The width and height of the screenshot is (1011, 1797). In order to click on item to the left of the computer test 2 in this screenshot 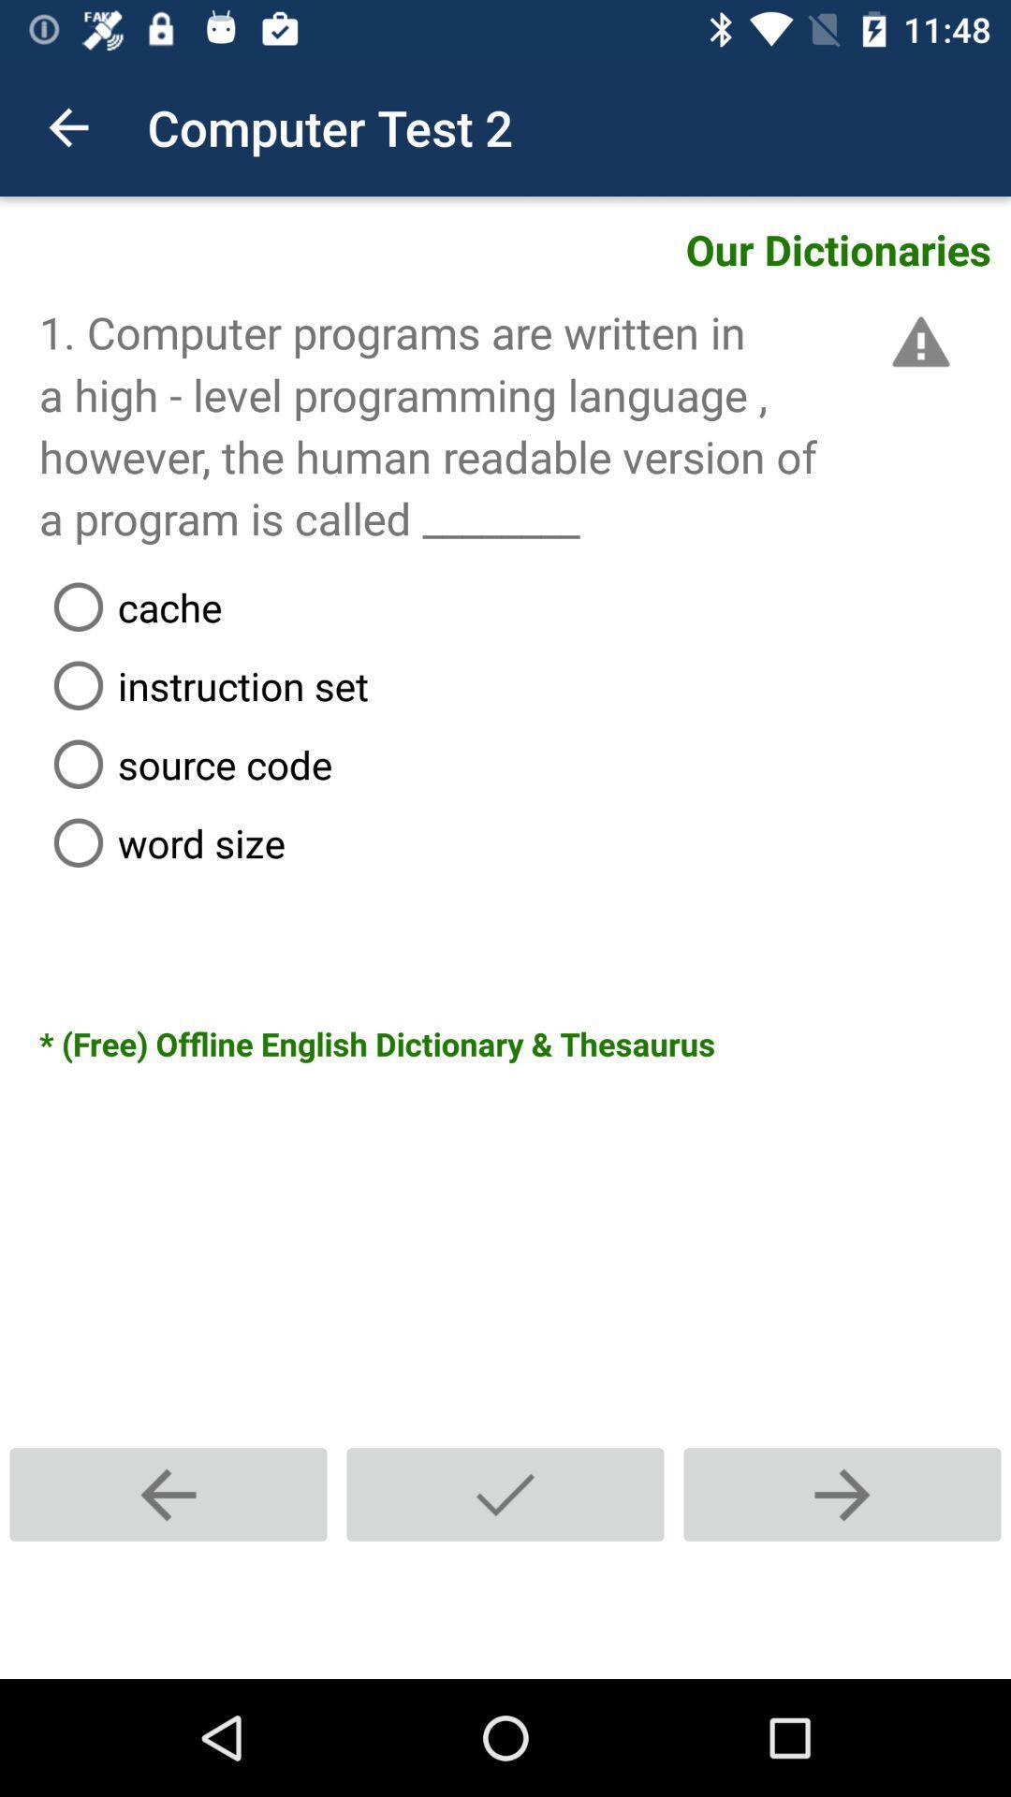, I will do `click(67, 126)`.